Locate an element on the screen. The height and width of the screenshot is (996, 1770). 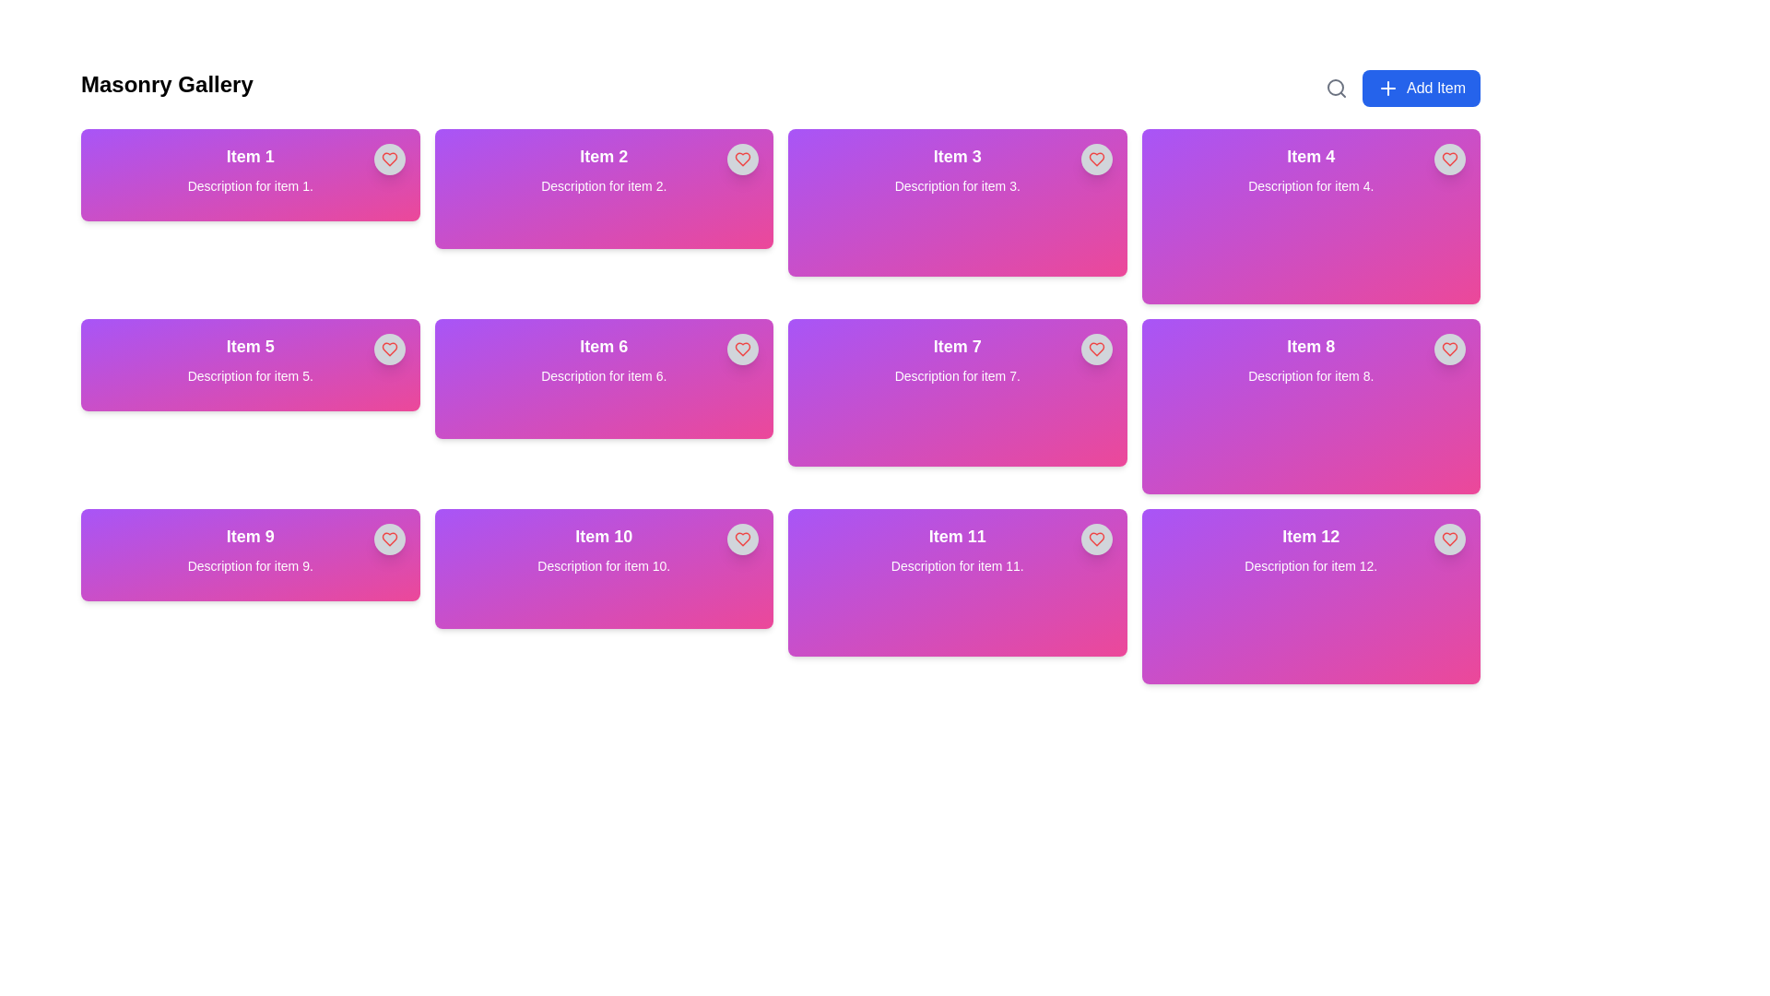
the Information card featuring a gradient background with the text 'Item 1' and a heart icon in the top-right corner is located at coordinates (249, 174).